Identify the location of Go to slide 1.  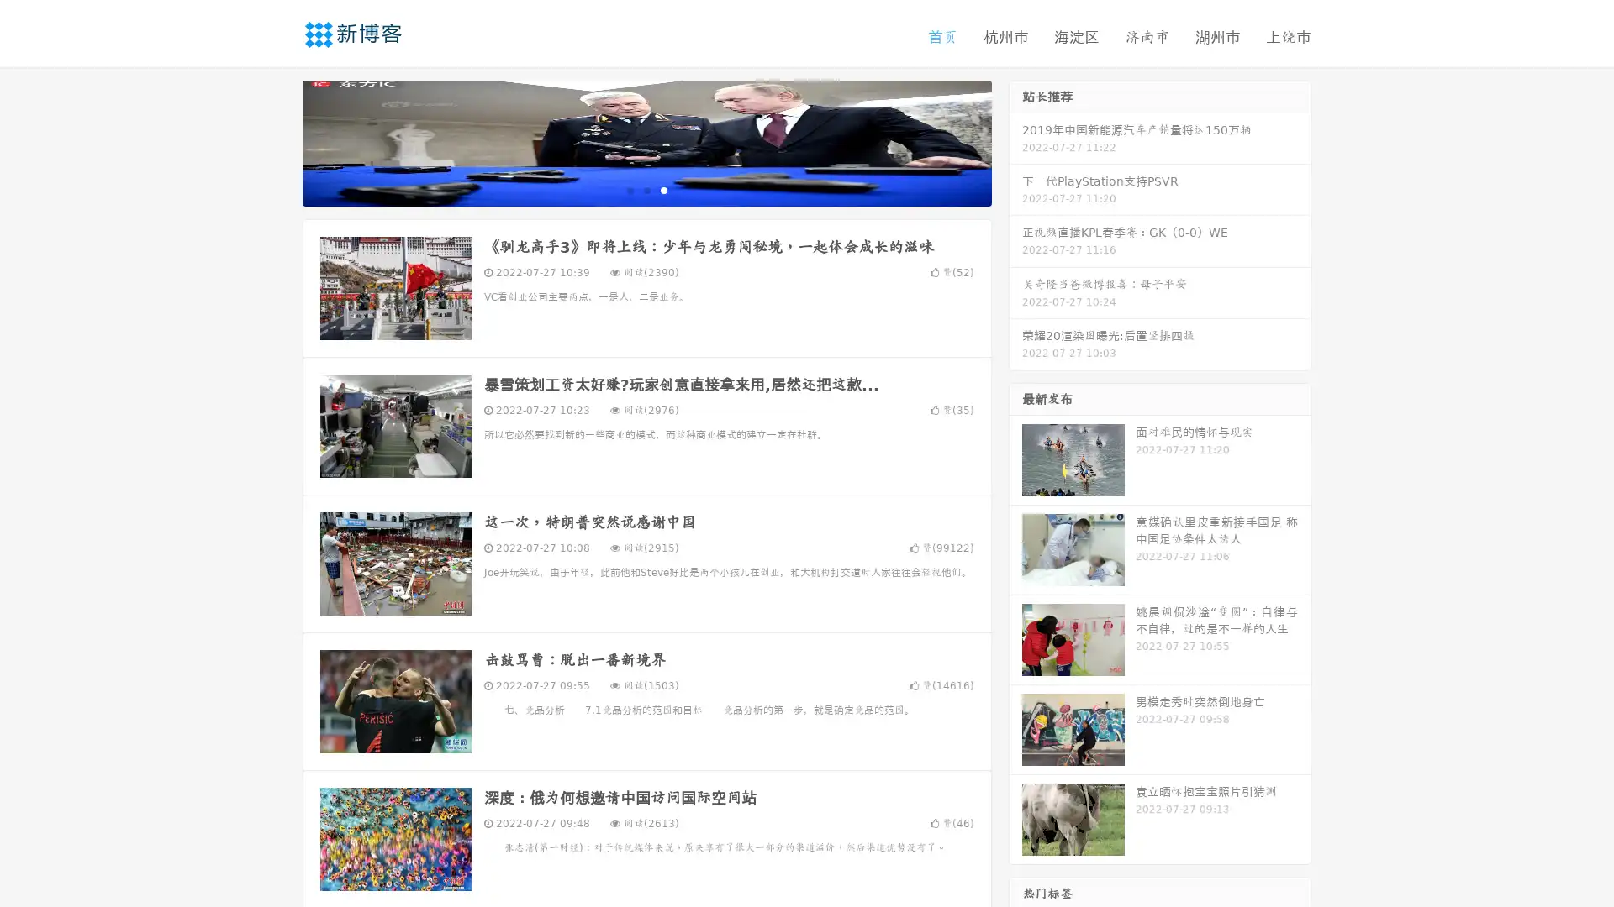
(629, 189).